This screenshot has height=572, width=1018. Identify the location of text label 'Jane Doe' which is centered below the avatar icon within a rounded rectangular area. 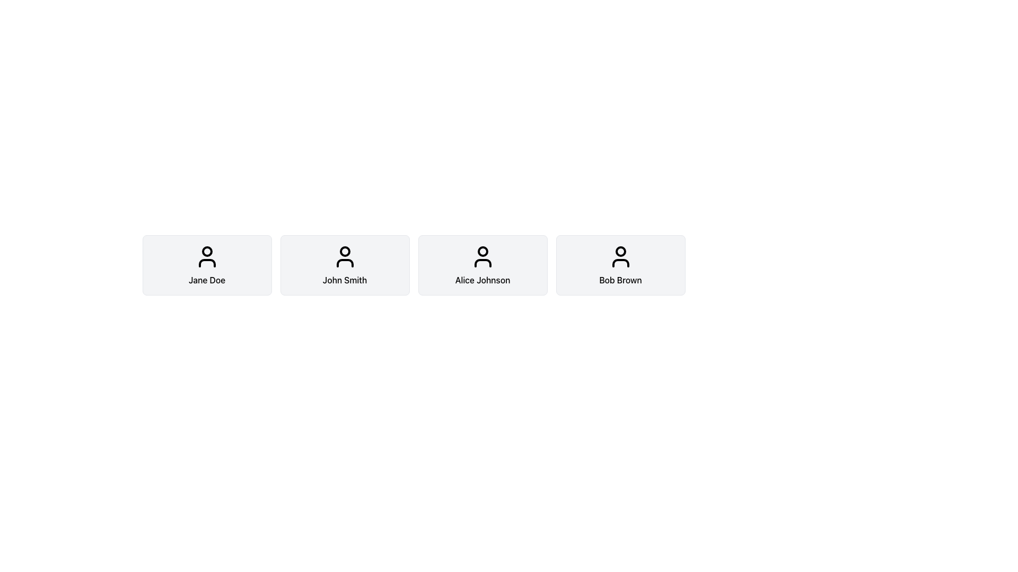
(207, 279).